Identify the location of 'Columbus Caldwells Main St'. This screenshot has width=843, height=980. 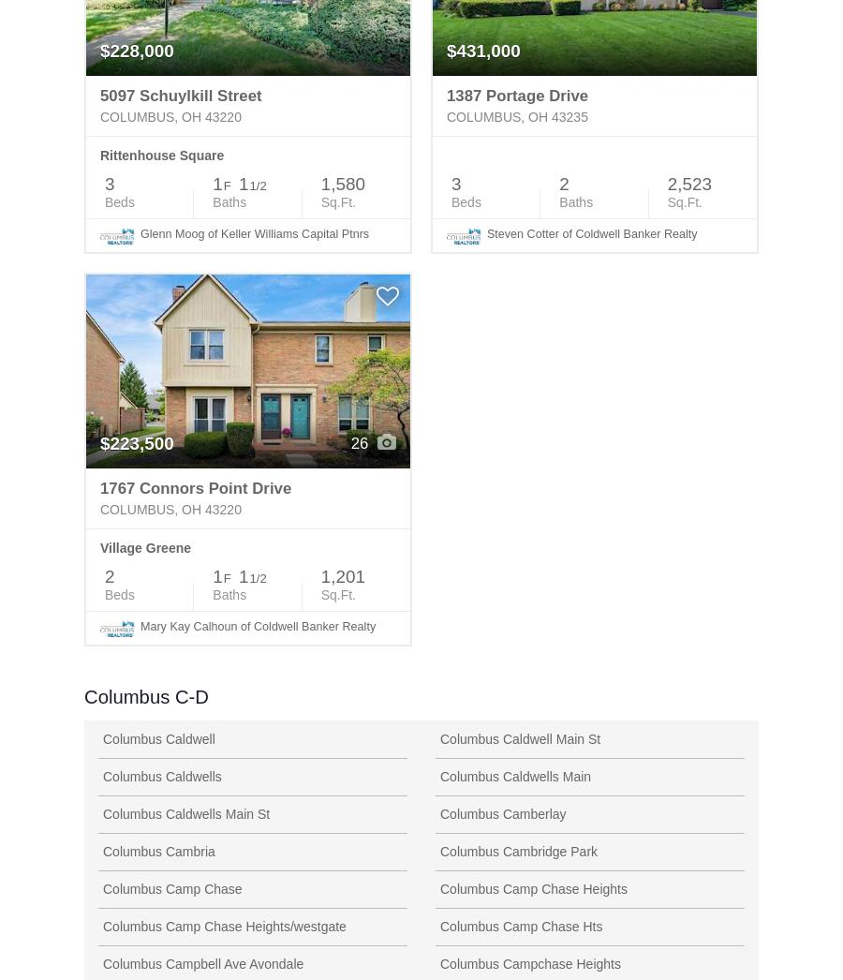
(185, 811).